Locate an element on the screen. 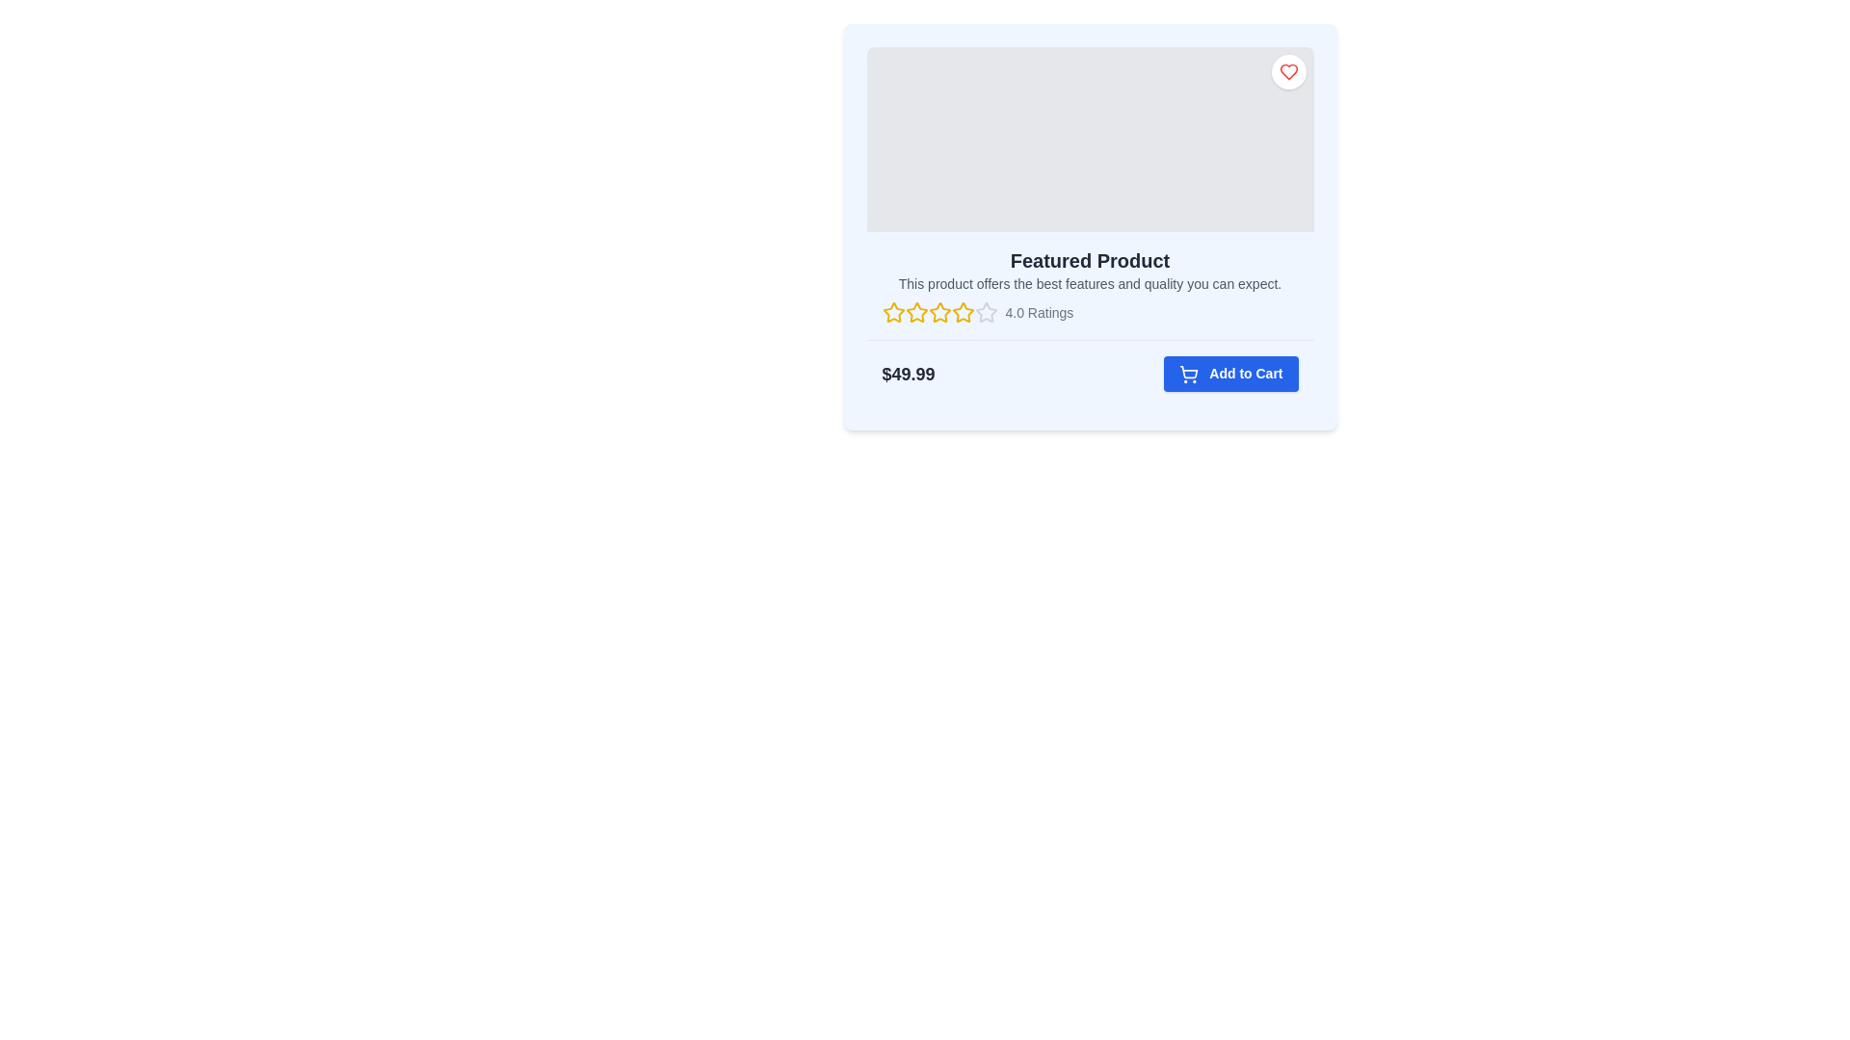  the star icon in the rating system is located at coordinates (985, 311).